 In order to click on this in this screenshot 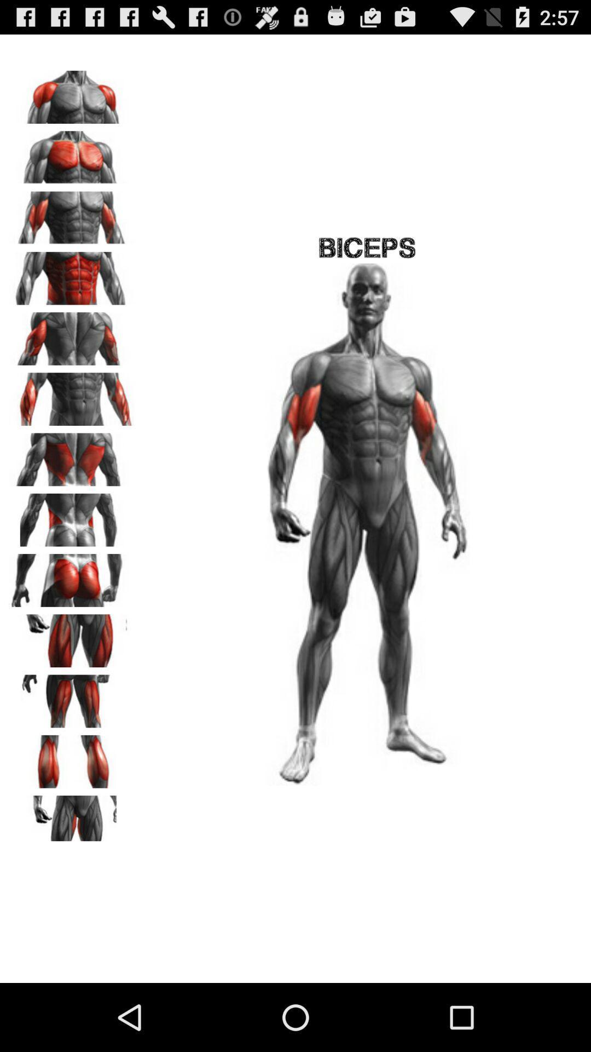, I will do `click(72, 214)`.